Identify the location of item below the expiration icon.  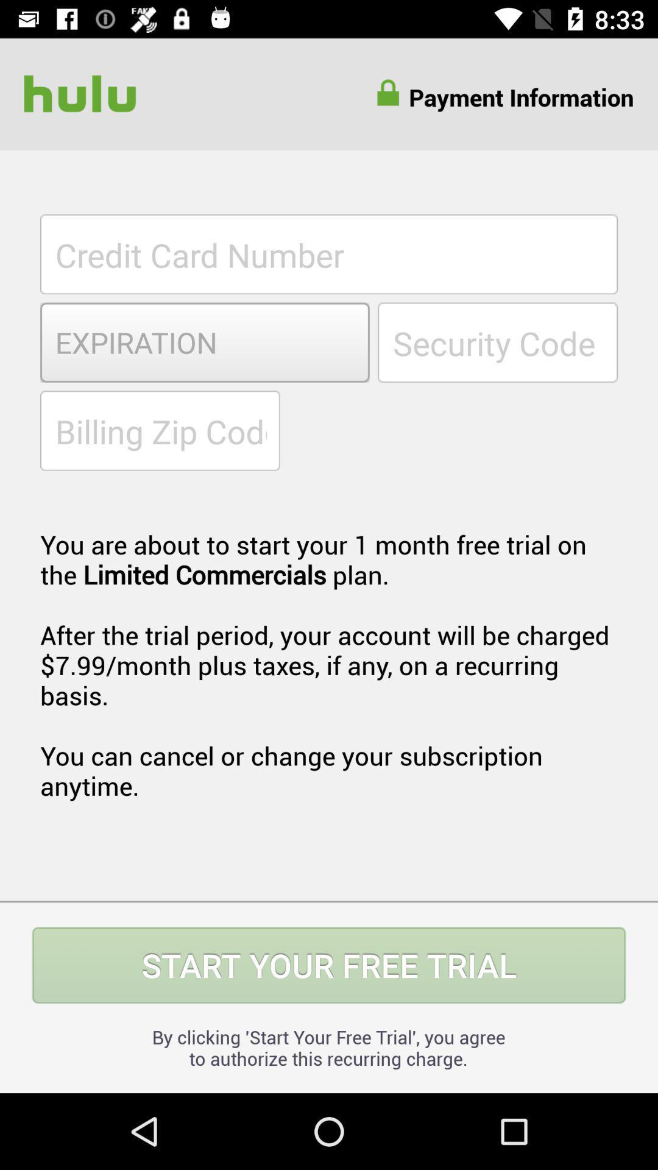
(159, 430).